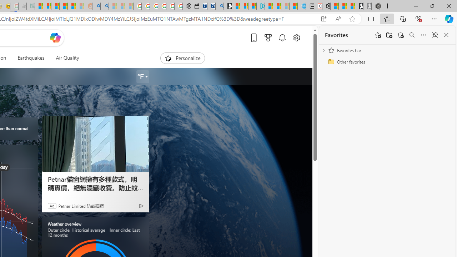 The width and height of the screenshot is (457, 257). Describe the element at coordinates (446, 35) in the screenshot. I see `'Close favorites'` at that location.